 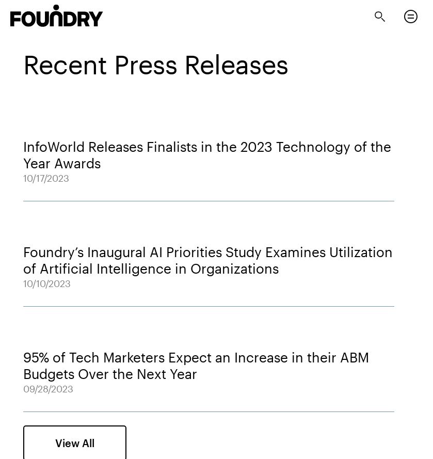 What do you see at coordinates (47, 282) in the screenshot?
I see `'10/10/2023'` at bounding box center [47, 282].